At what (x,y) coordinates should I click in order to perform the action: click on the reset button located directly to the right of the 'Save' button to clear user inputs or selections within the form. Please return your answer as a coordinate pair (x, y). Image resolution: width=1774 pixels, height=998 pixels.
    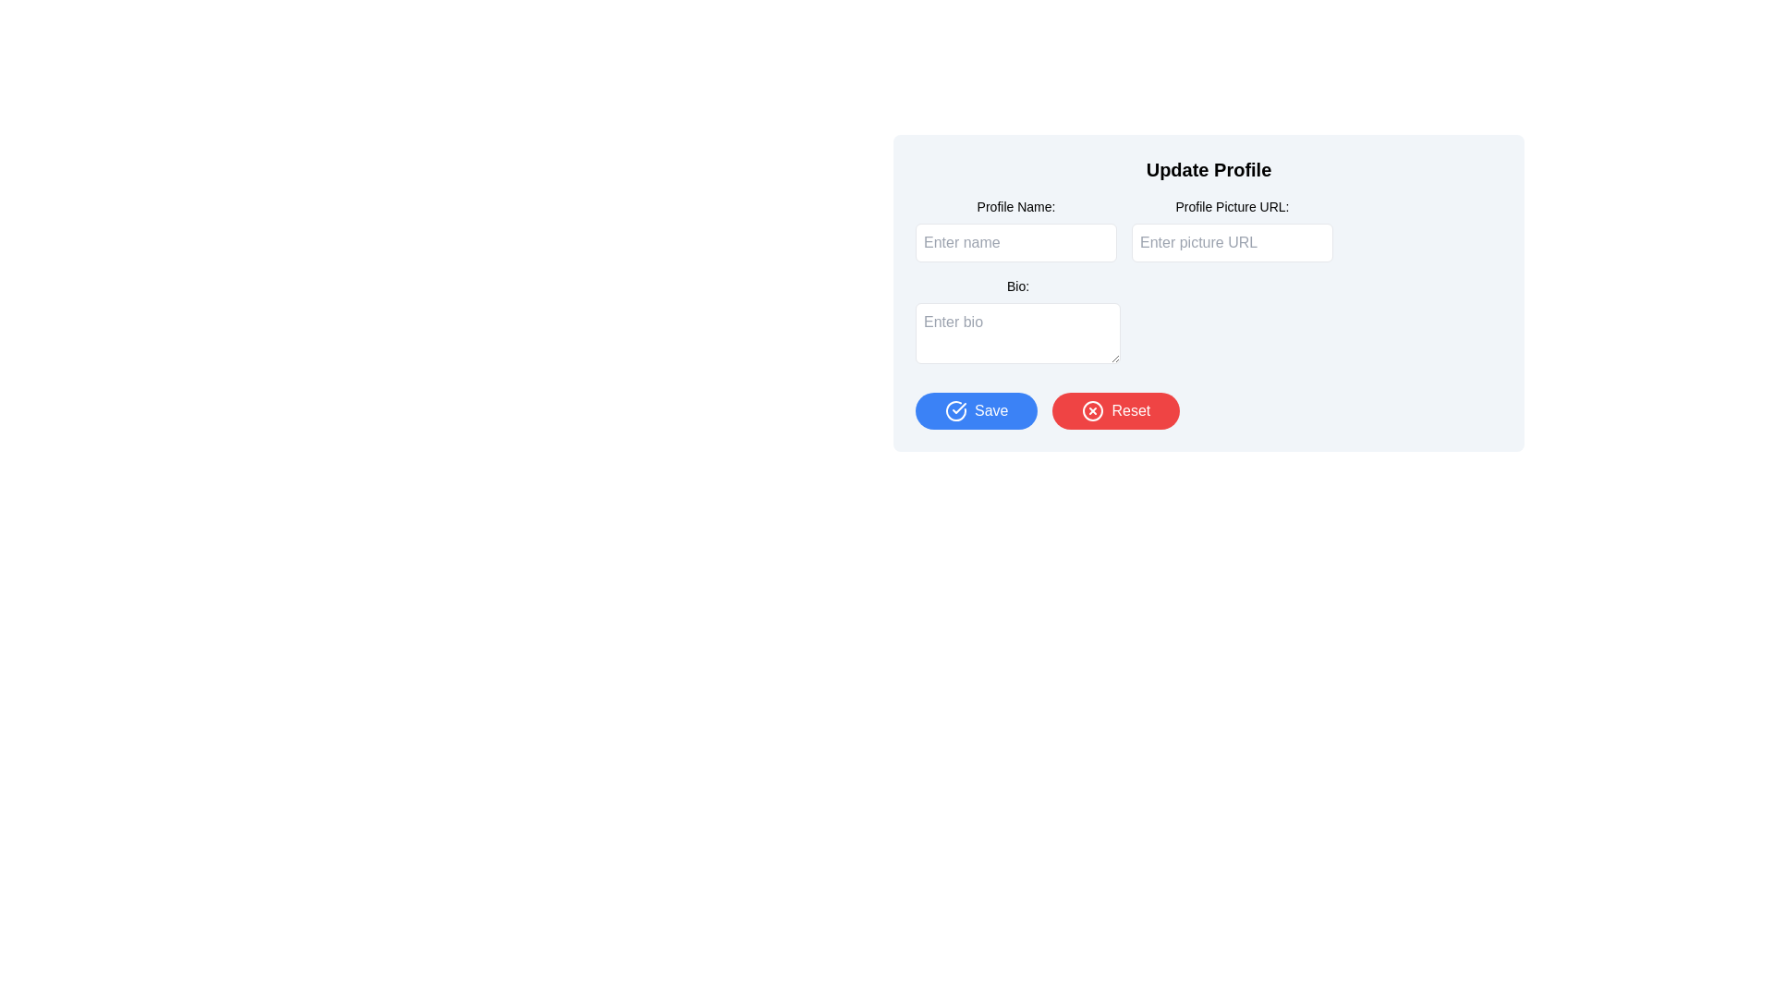
    Looking at the image, I should click on (1115, 409).